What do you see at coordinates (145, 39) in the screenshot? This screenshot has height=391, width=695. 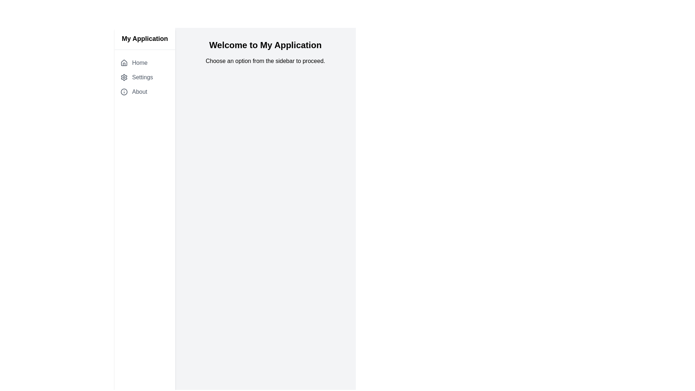 I see `the Text label that serves as the header for the sidebar, which identifies the application or section associated with it` at bounding box center [145, 39].